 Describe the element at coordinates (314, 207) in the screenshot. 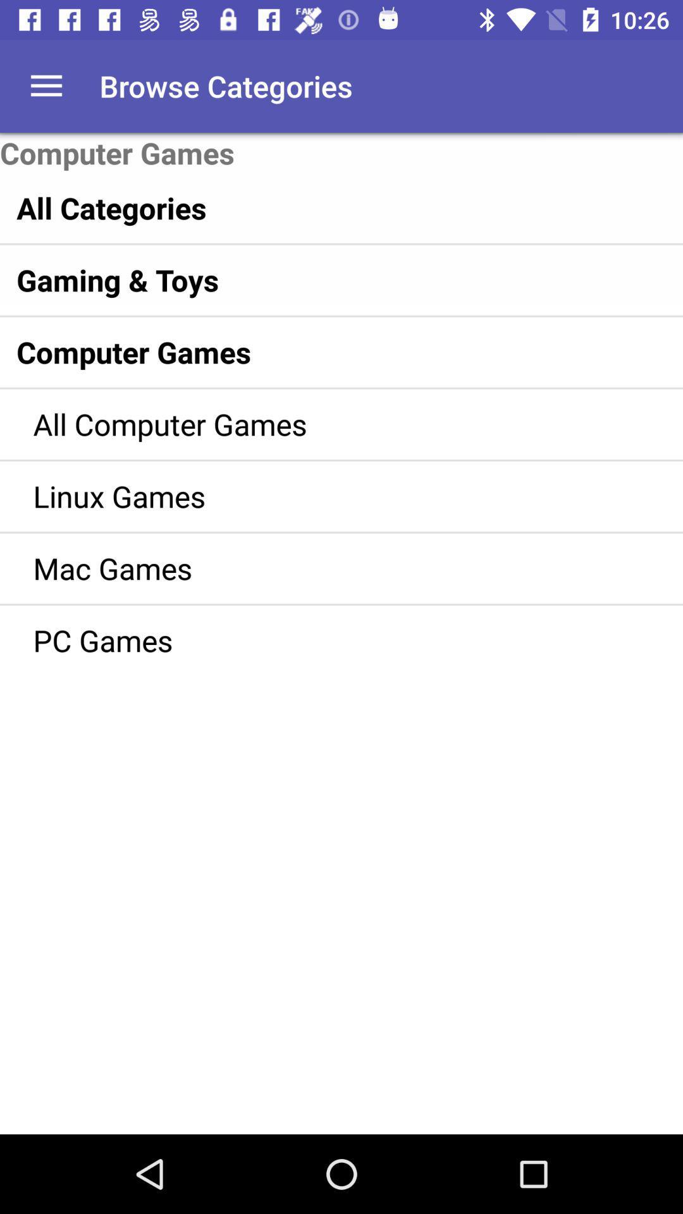

I see `the icon below the computer games icon` at that location.